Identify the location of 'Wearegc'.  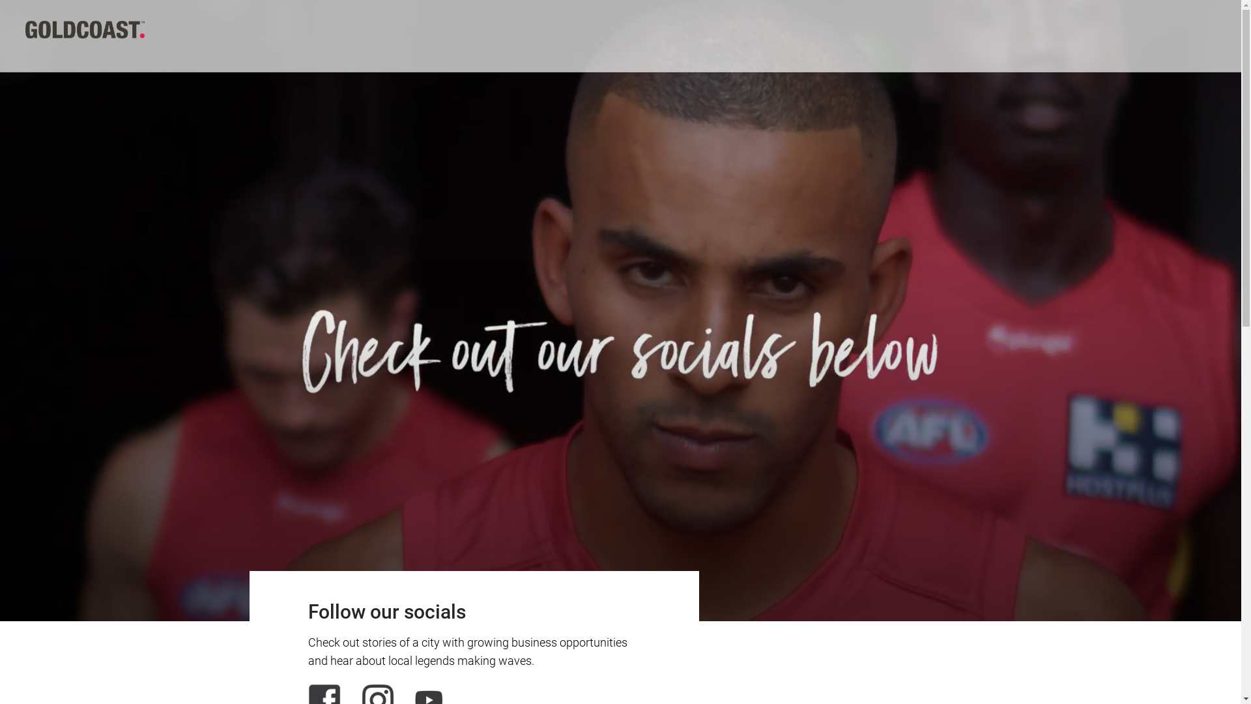
(25, 28).